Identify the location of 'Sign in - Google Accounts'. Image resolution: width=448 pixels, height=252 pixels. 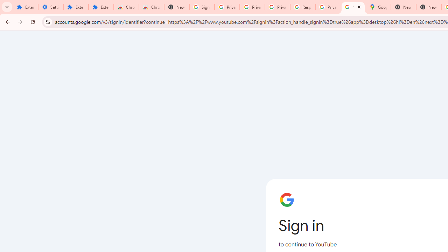
(202, 7).